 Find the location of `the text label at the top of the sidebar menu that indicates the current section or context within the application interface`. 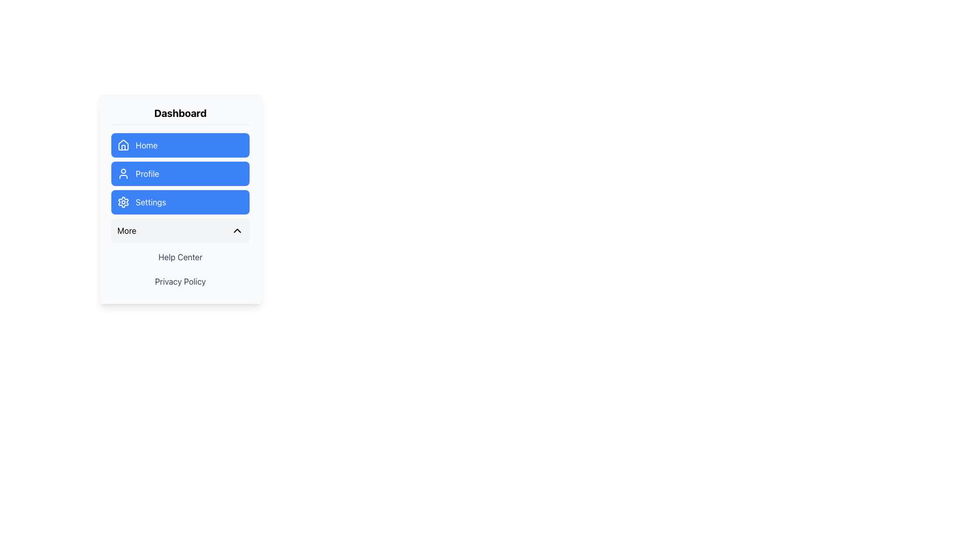

the text label at the top of the sidebar menu that indicates the current section or context within the application interface is located at coordinates (180, 113).